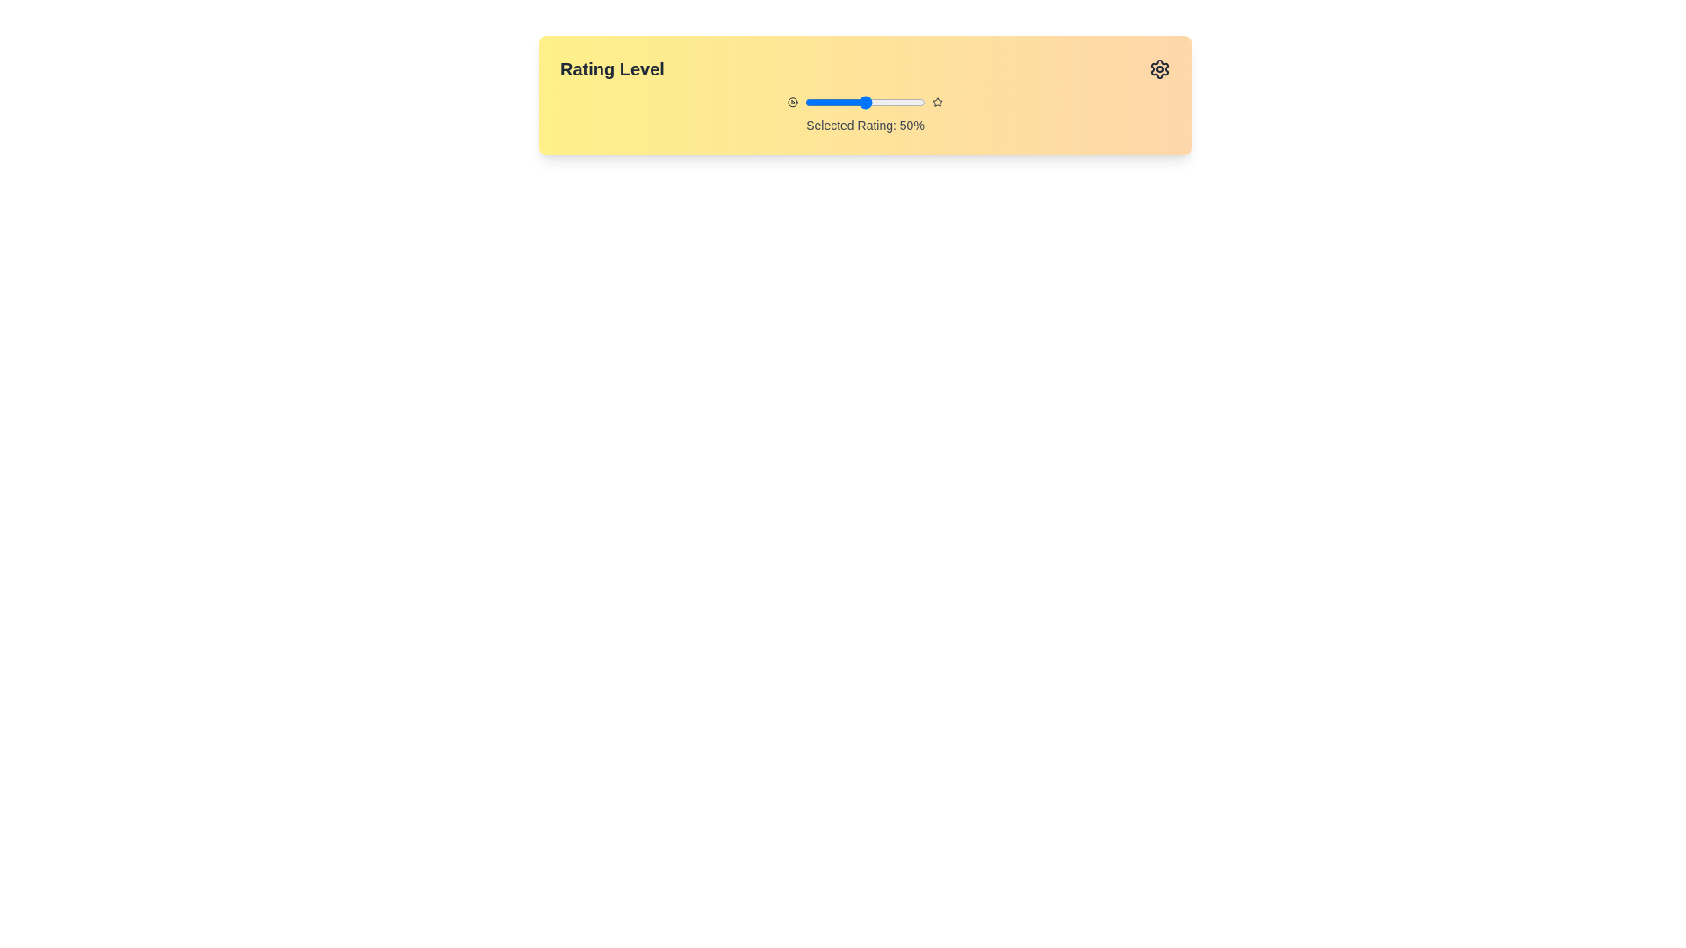  I want to click on the slider, so click(849, 102).